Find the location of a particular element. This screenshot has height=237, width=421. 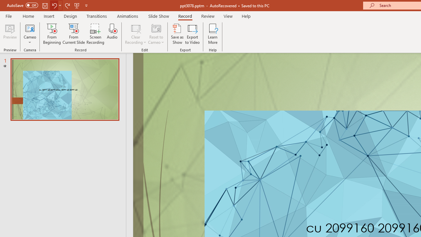

'Reset to Cameo' is located at coordinates (156, 34).